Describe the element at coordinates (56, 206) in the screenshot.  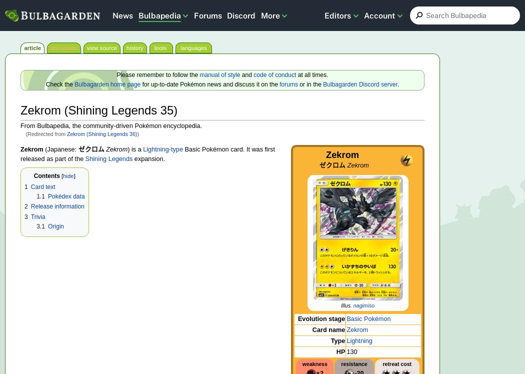
I see `'Release information'` at that location.